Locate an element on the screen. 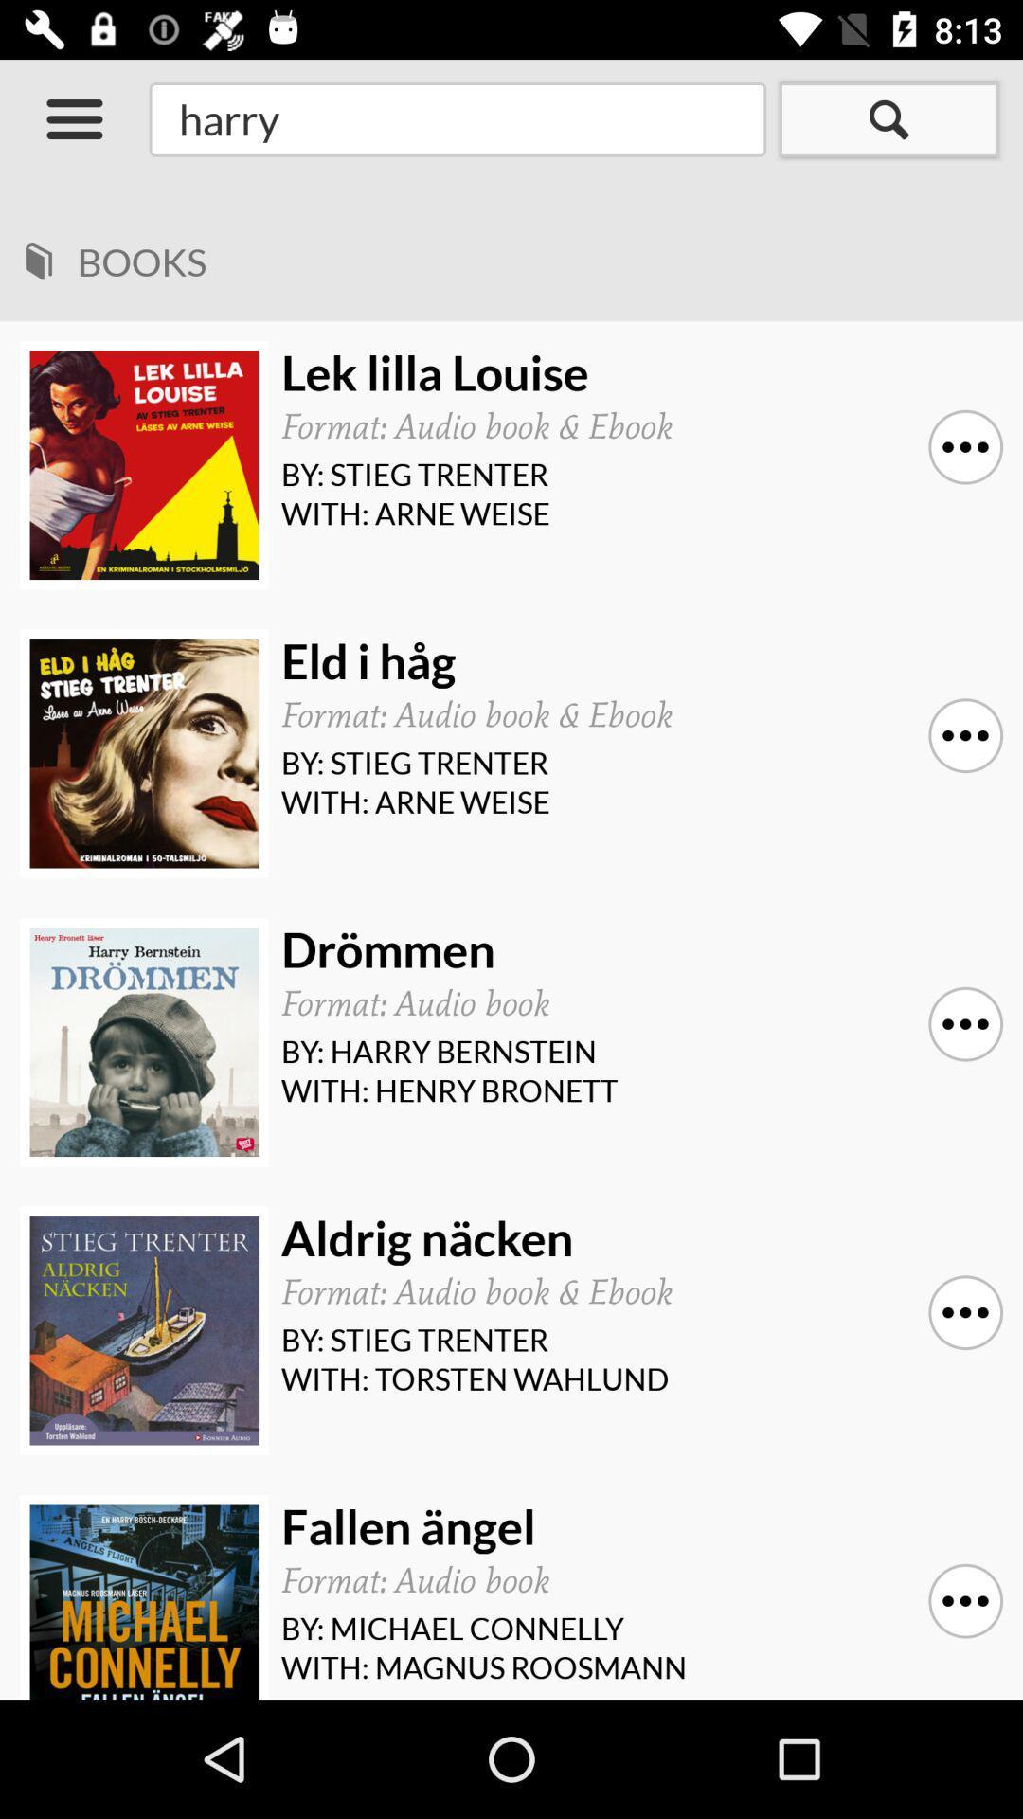 The height and width of the screenshot is (1819, 1023). item above with: henry bronett icon is located at coordinates (965, 1023).